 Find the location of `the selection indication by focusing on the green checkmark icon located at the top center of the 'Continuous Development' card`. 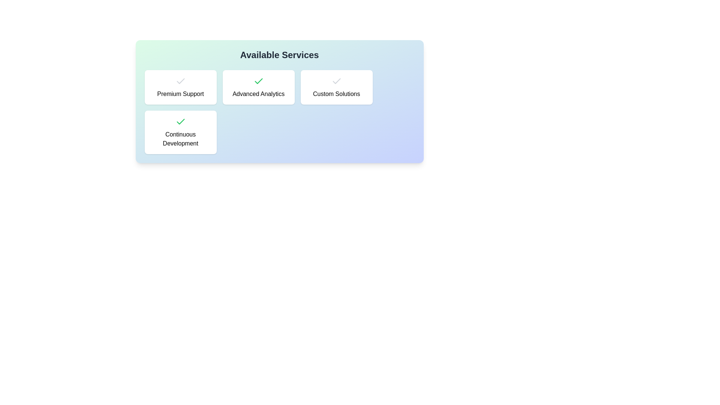

the selection indication by focusing on the green checkmark icon located at the top center of the 'Continuous Development' card is located at coordinates (180, 121).